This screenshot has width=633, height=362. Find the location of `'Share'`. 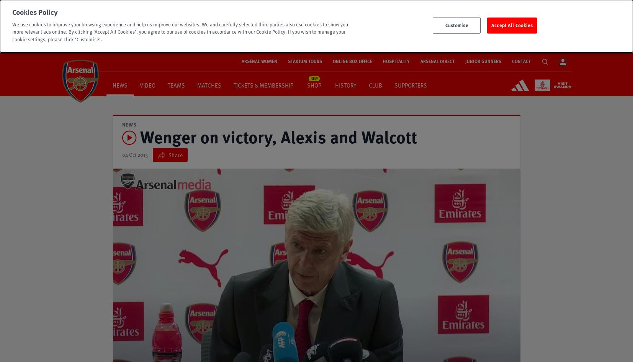

'Share' is located at coordinates (175, 154).